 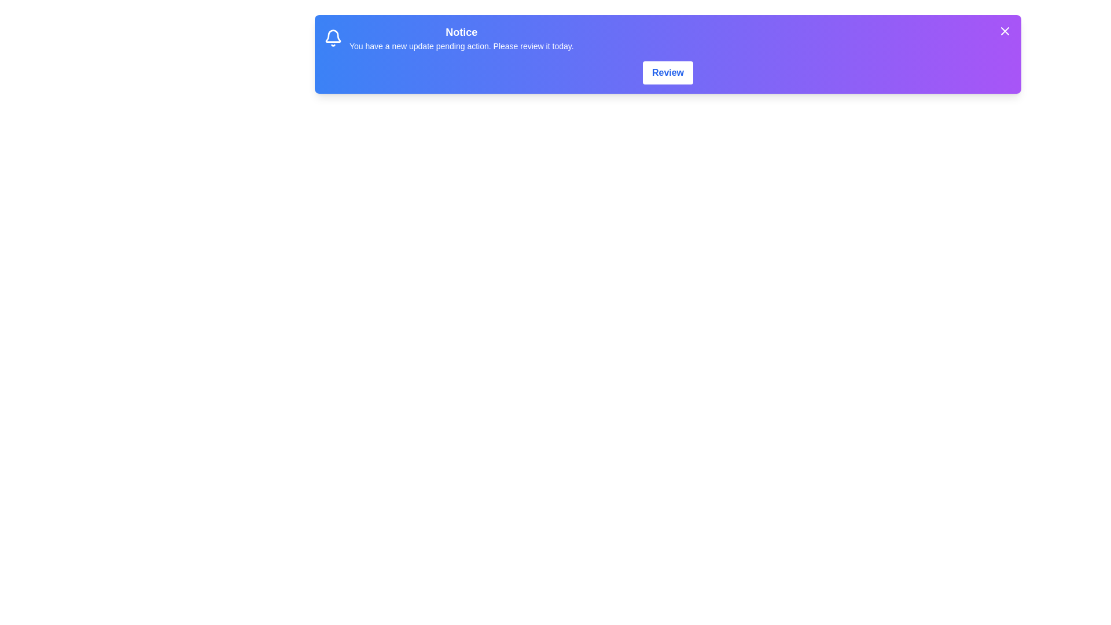 I want to click on the bell-shaped icon with rounded edges, located at the left side of the gradient blue notification bar, so click(x=333, y=37).